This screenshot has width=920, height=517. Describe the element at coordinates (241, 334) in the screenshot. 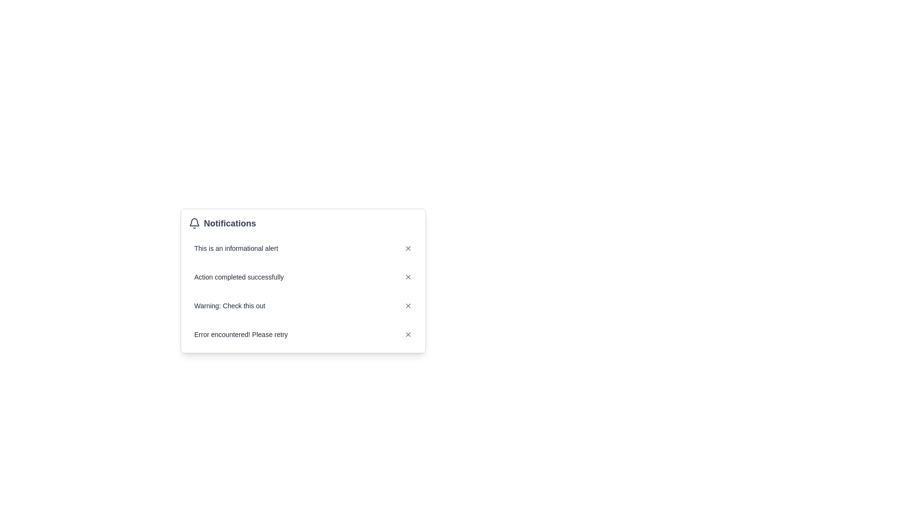

I see `the error message text located in the bottom notification card, which suggests retrying the action` at that location.